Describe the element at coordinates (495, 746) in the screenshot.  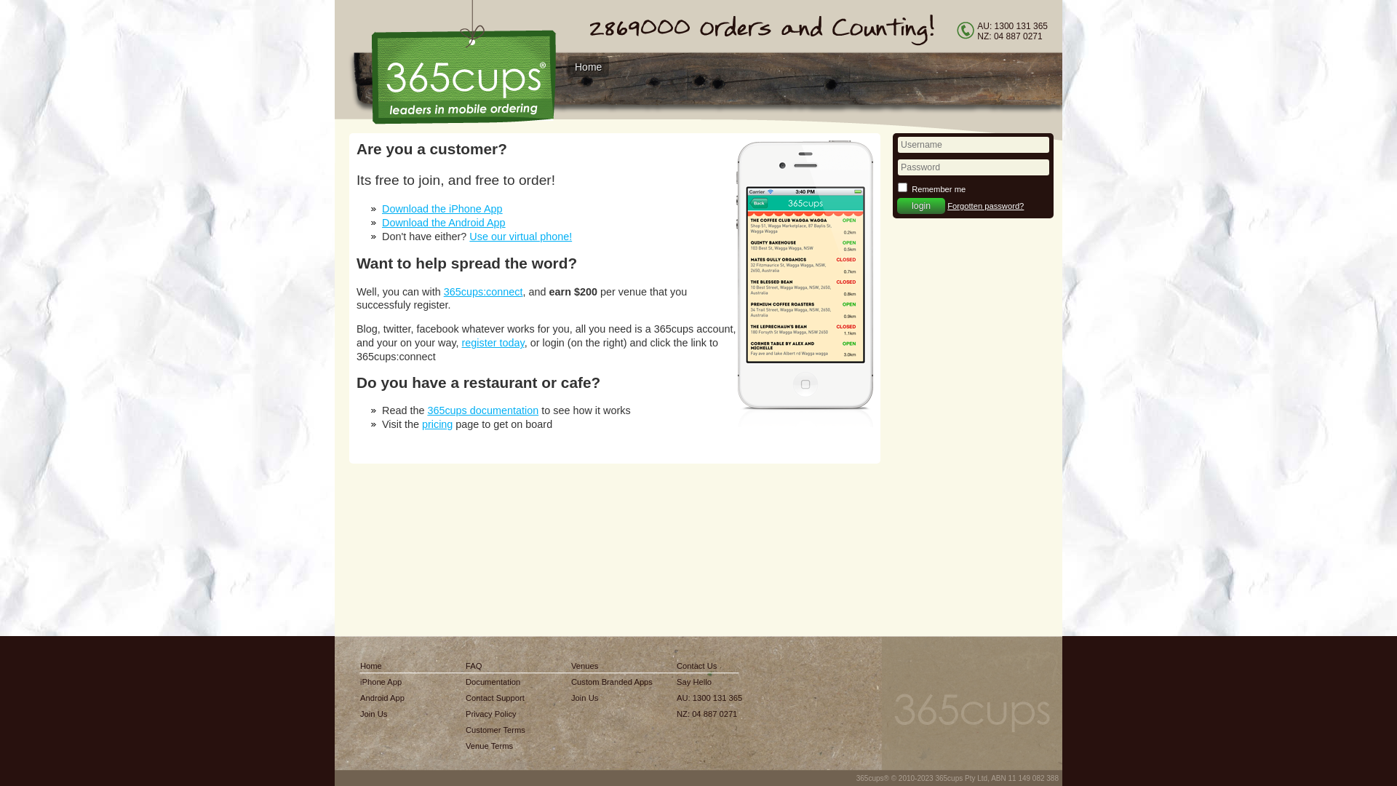
I see `'Venue Terms'` at that location.